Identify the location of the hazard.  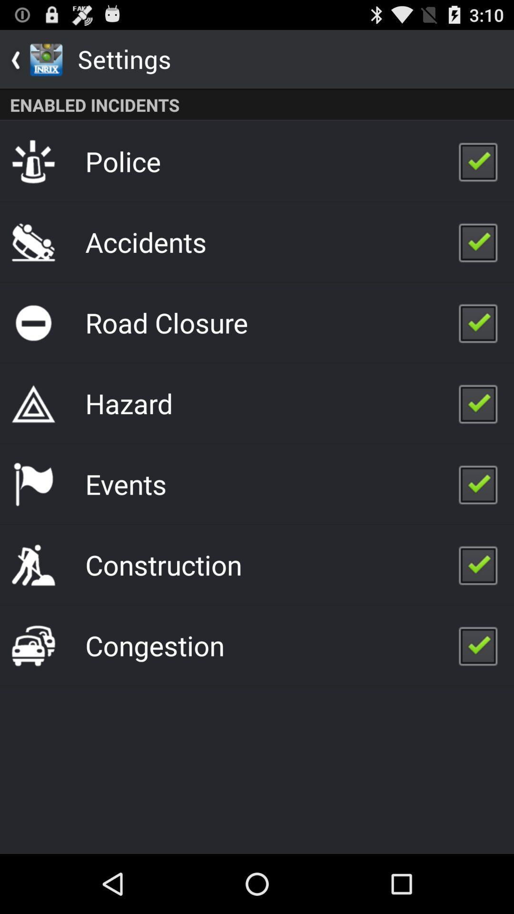
(129, 403).